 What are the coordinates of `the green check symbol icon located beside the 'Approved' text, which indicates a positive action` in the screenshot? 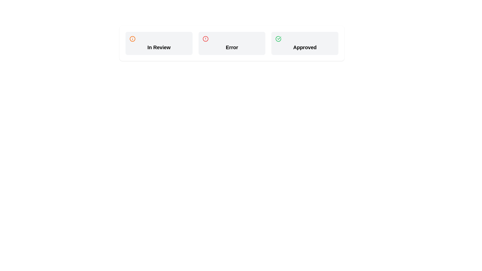 It's located at (279, 38).